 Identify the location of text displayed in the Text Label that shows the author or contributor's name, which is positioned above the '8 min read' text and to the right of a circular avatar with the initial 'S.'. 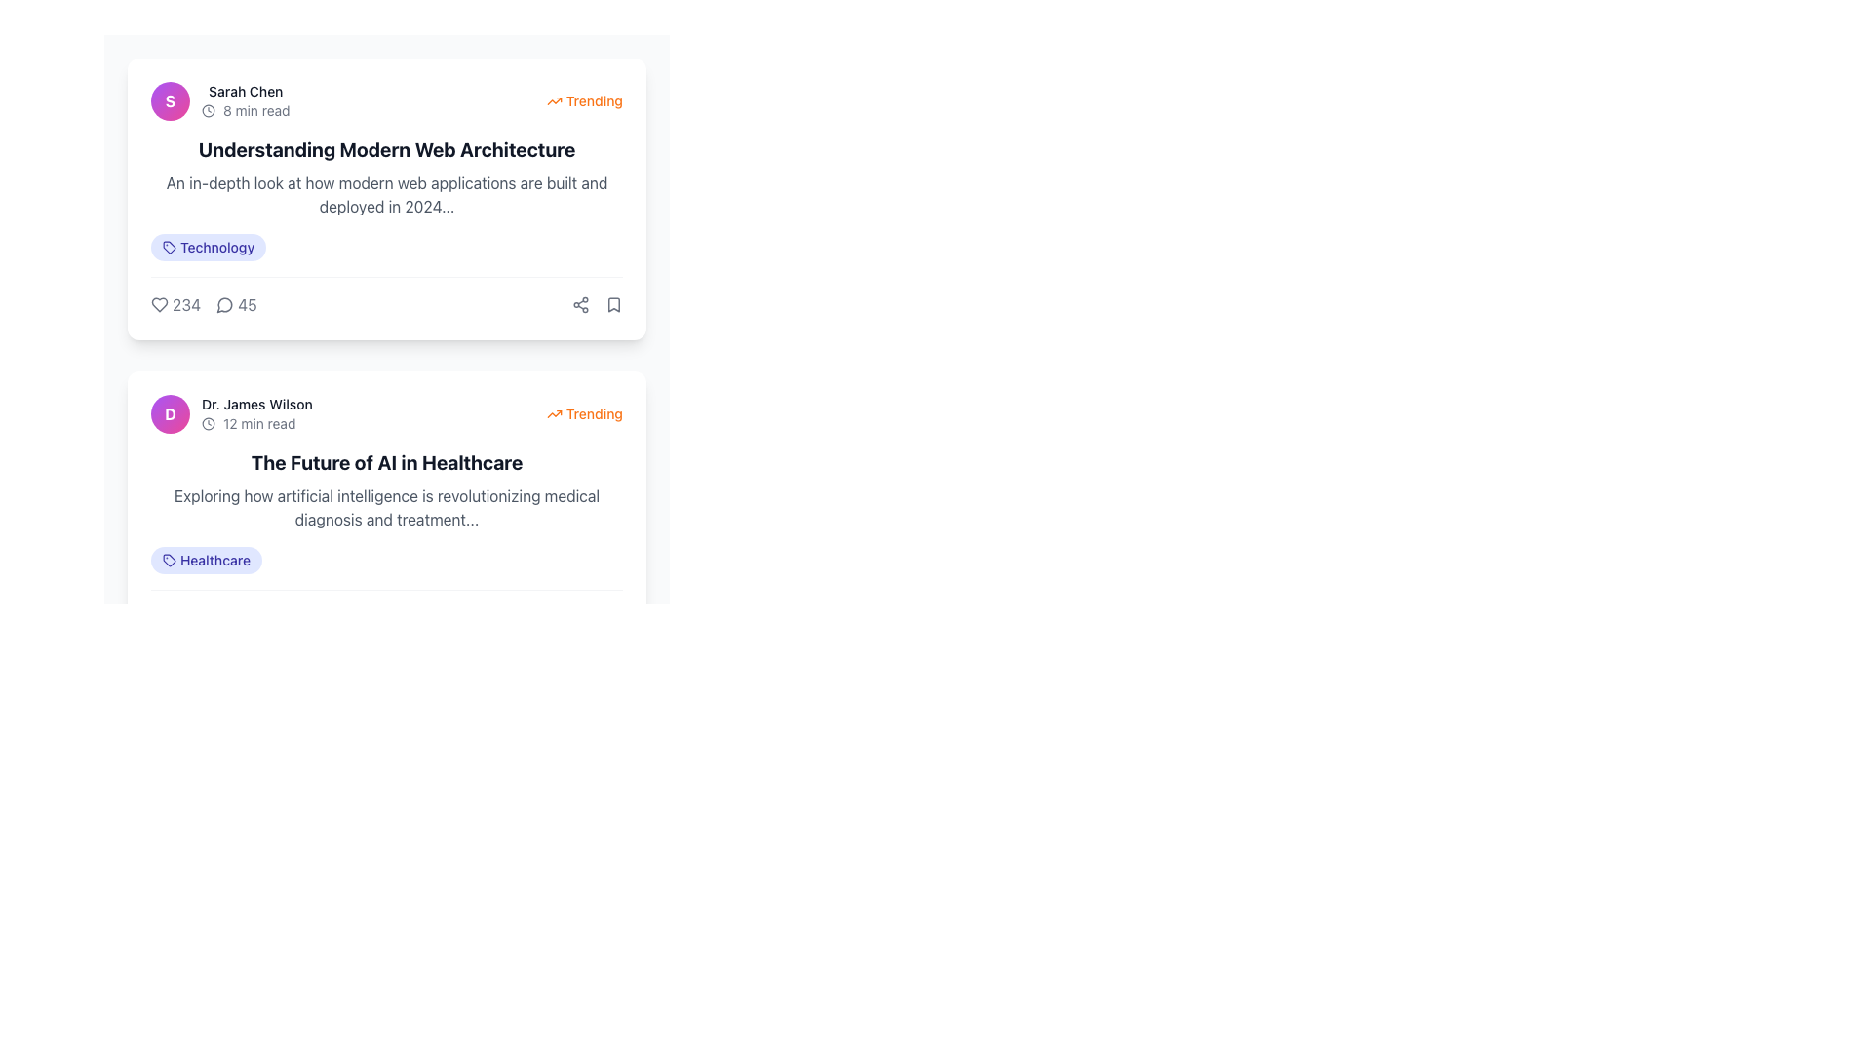
(245, 91).